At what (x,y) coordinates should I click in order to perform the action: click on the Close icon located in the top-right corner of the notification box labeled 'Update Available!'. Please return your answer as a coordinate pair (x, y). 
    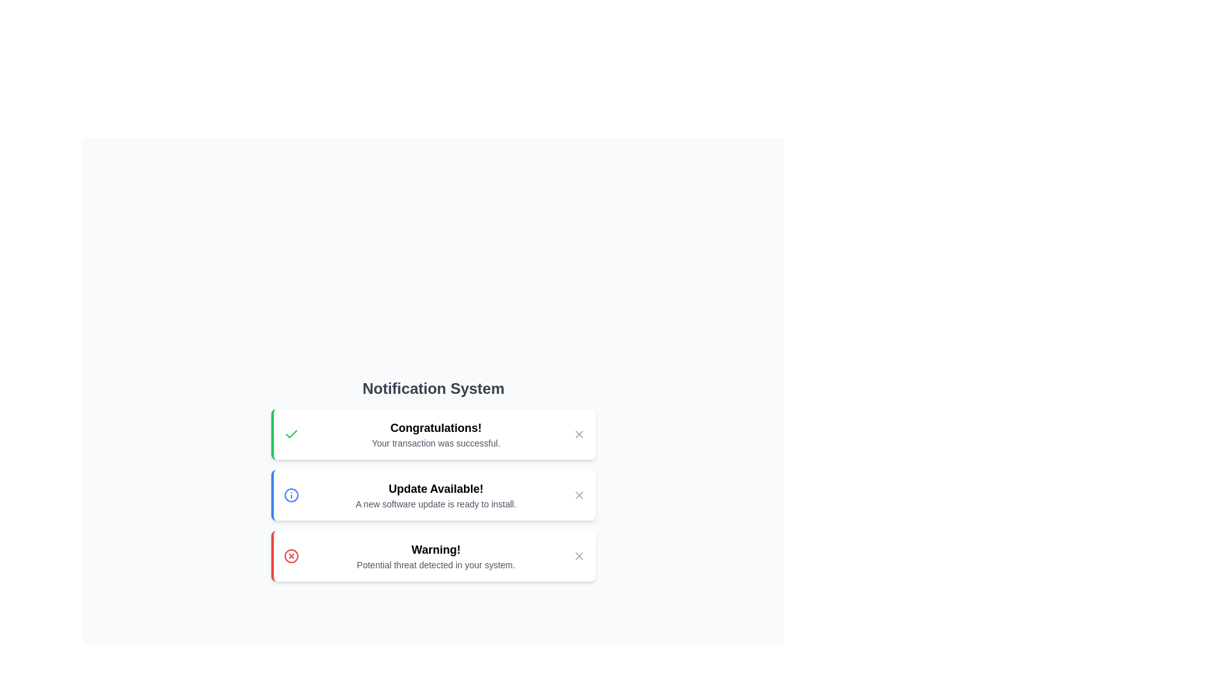
    Looking at the image, I should click on (578, 494).